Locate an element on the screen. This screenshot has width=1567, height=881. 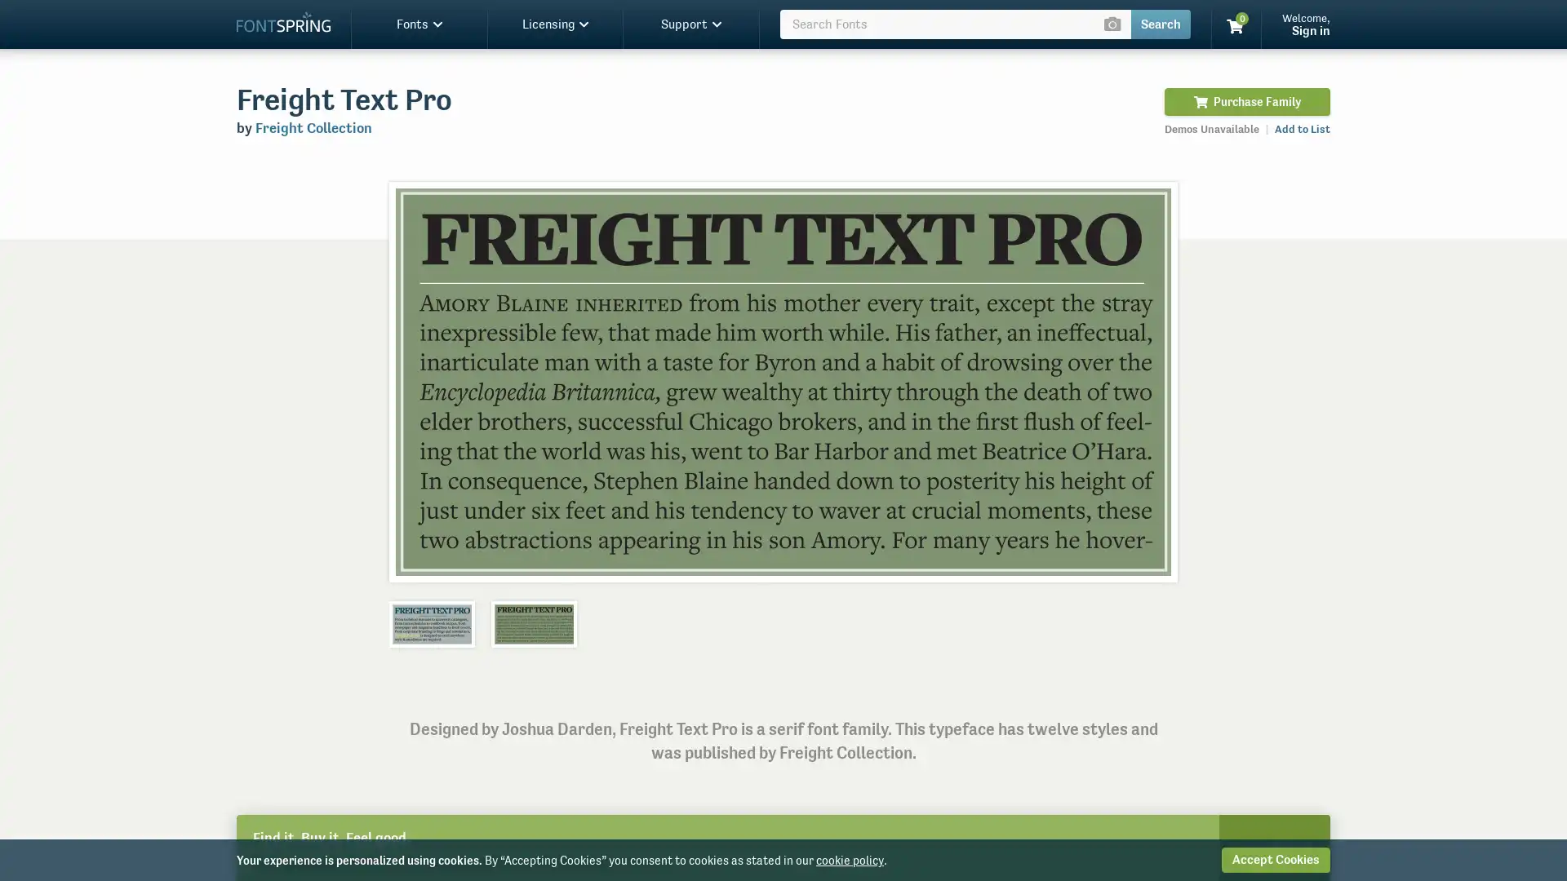
Purchase Family is located at coordinates (1246, 101).